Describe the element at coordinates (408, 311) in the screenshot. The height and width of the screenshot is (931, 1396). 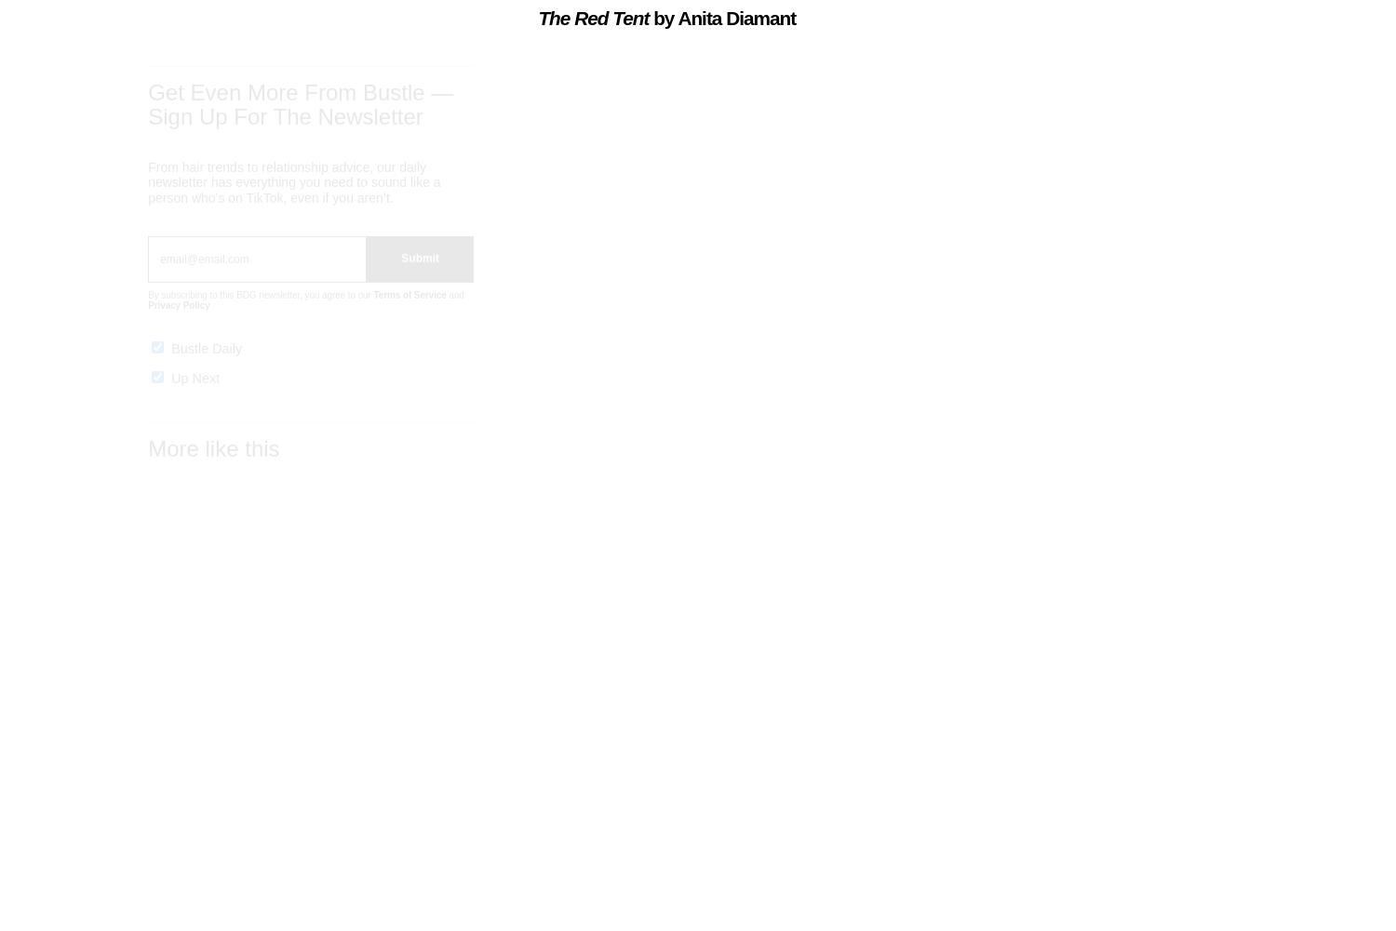
I see `'Terms of Service'` at that location.